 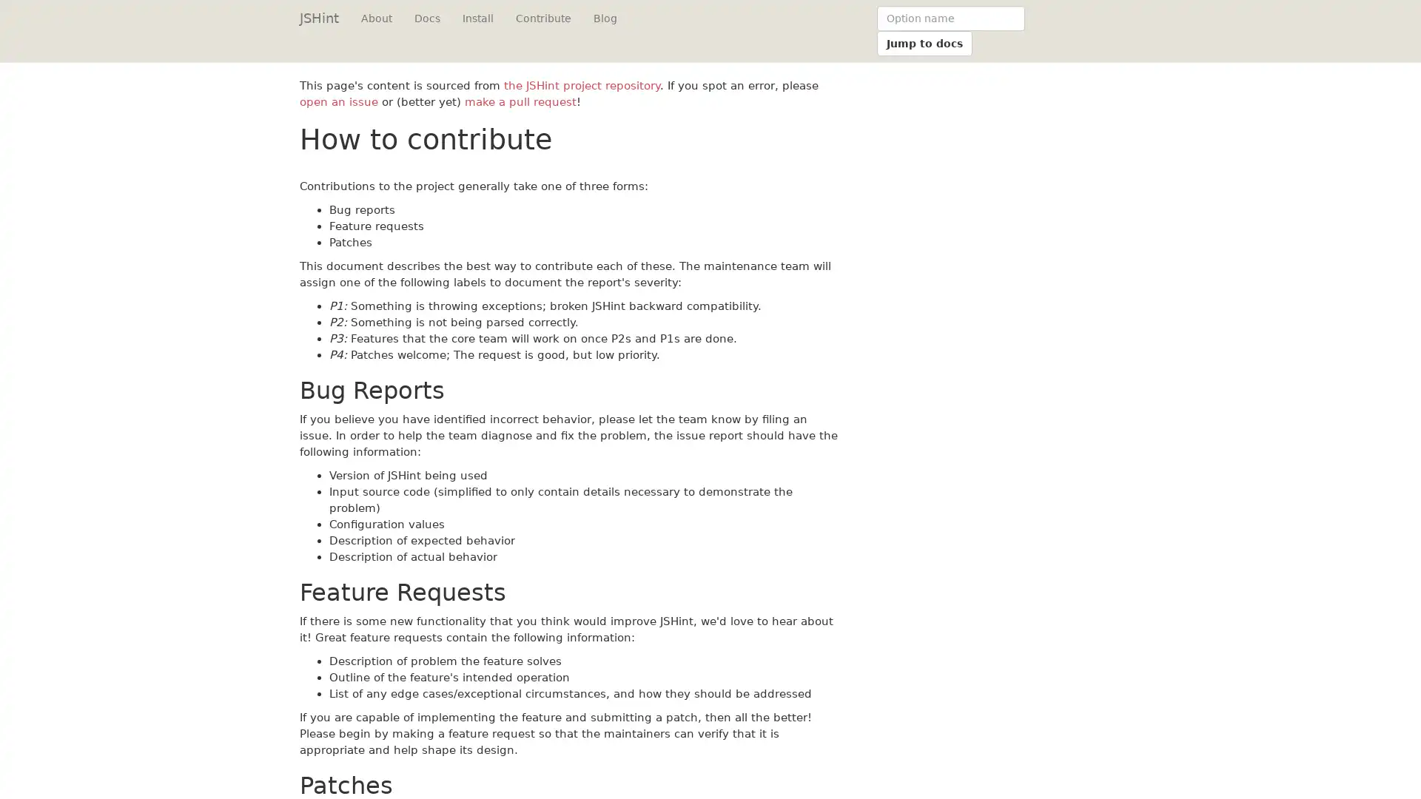 What do you see at coordinates (924, 42) in the screenshot?
I see `Jump to docs` at bounding box center [924, 42].